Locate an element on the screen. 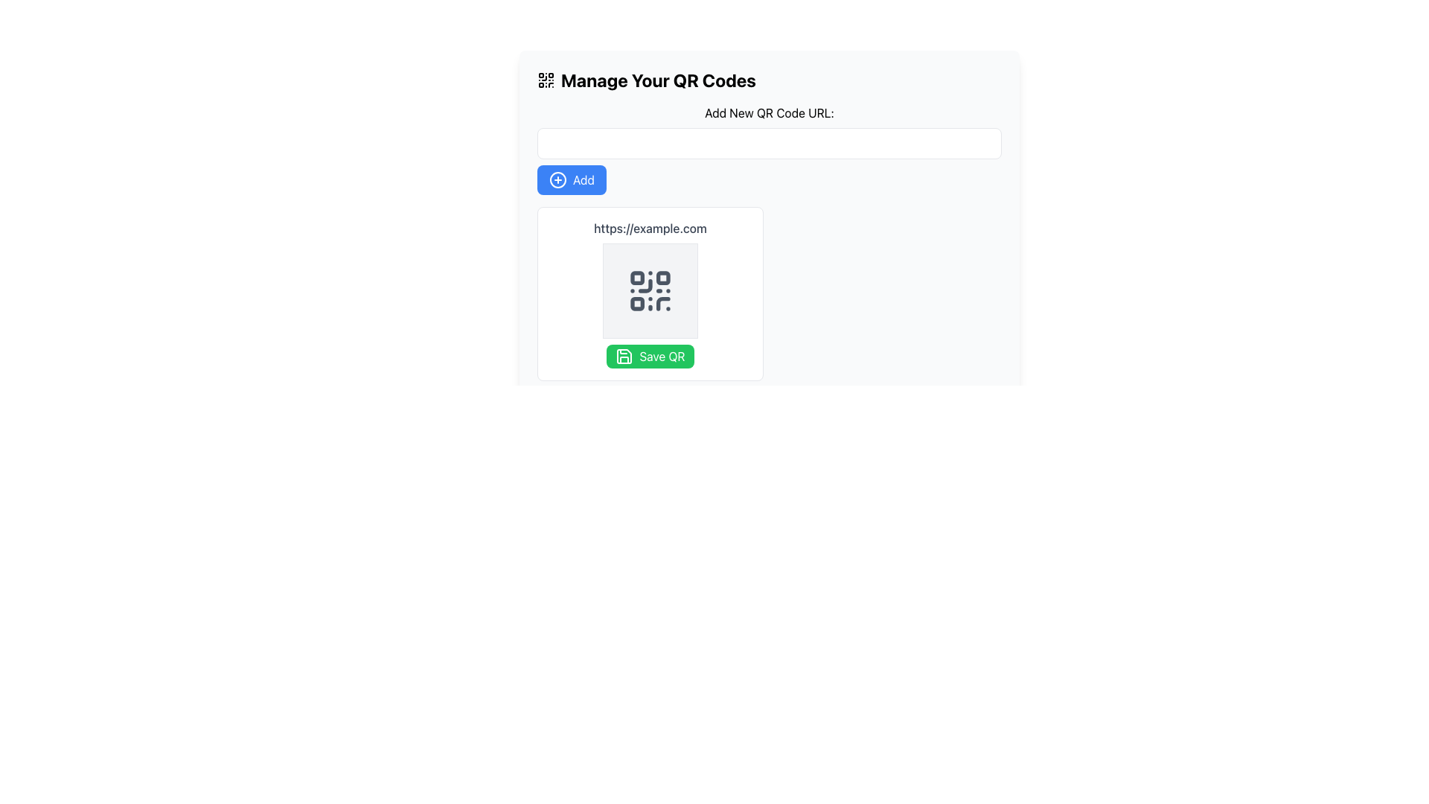  the outer circular SVG component of the 'Add' button icon, located to the left of the text 'Add' is located at coordinates (557, 179).